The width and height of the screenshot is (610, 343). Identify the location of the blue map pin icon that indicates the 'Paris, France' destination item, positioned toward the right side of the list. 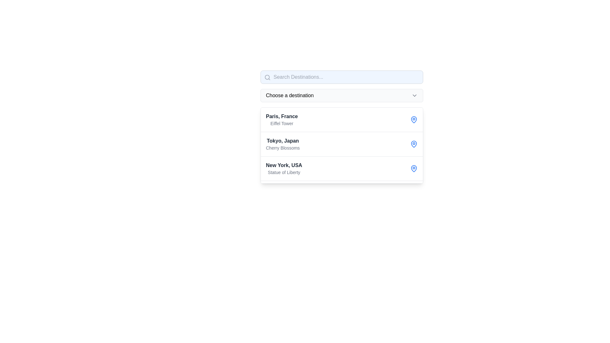
(414, 119).